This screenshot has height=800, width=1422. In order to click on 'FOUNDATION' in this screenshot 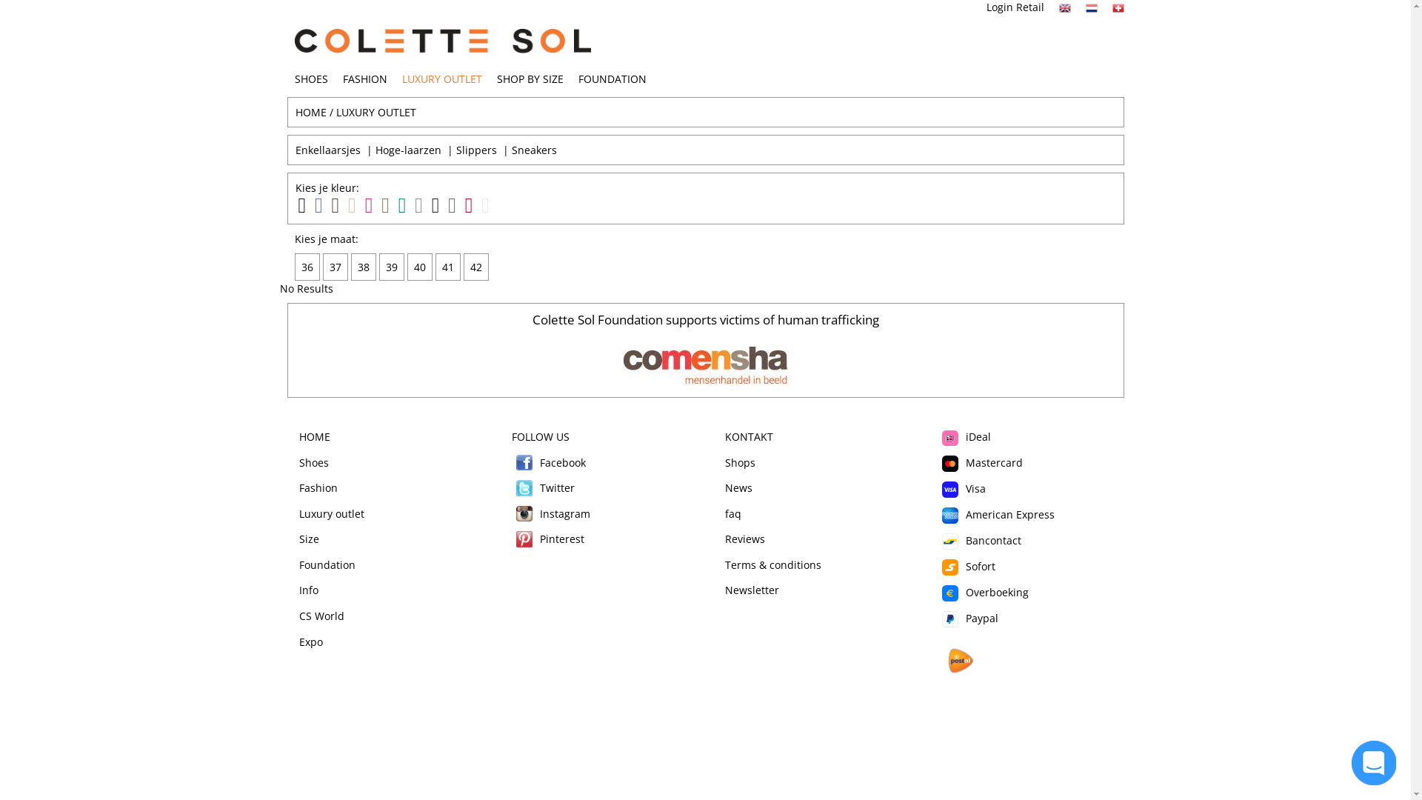, I will do `click(611, 79)`.